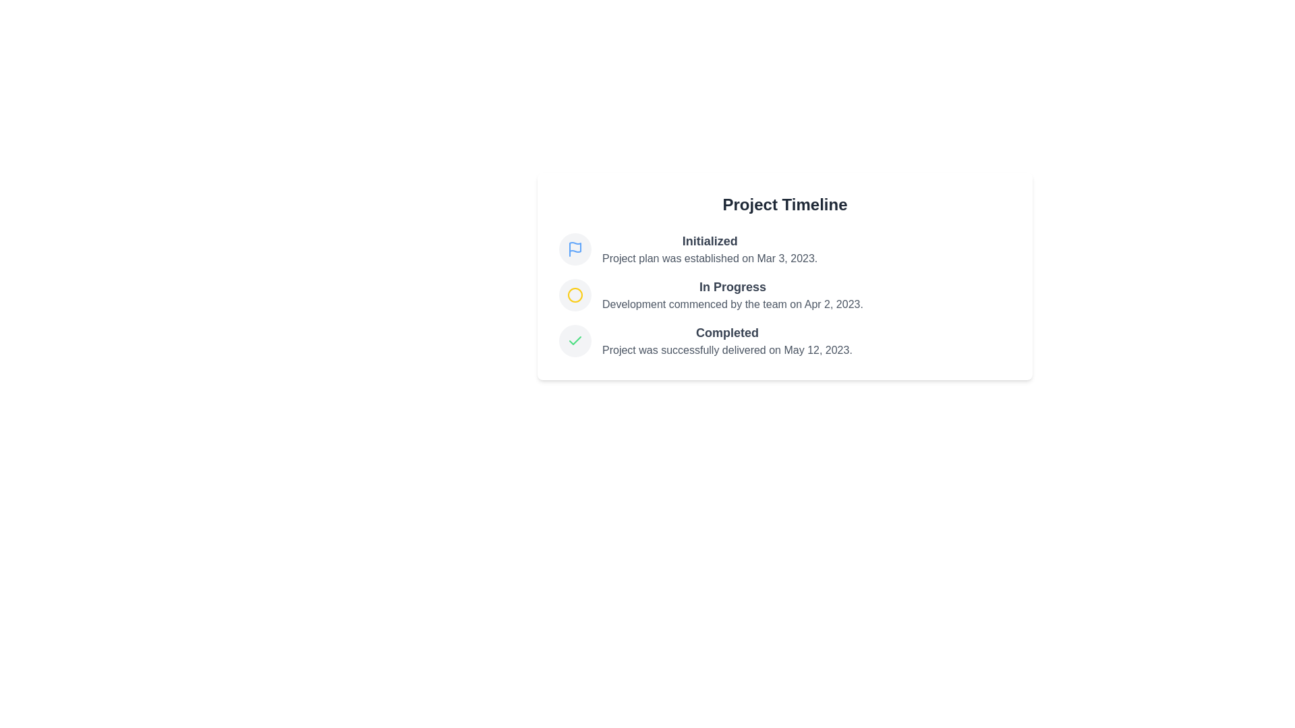  Describe the element at coordinates (575, 249) in the screenshot. I see `the circular icon with a light gray background and a blue flag-shaped icon, located at the leftmost side of the first row in the 'Project Timeline' section, adjacent to the text 'Initialized'` at that location.